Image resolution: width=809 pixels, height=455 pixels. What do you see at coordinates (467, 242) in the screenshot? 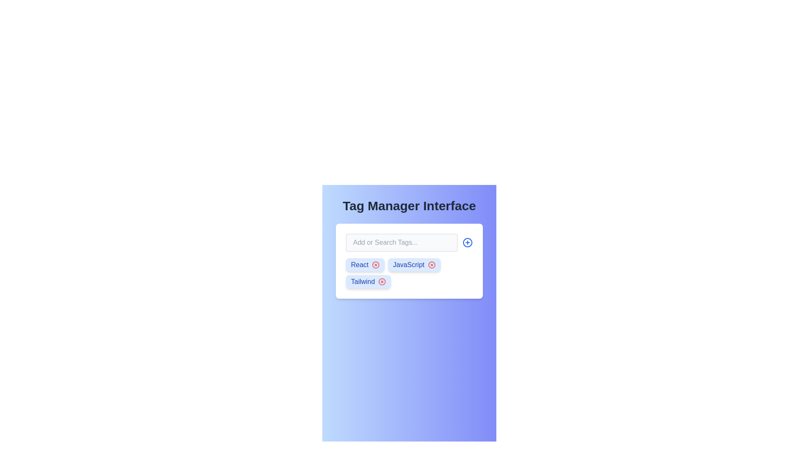
I see `the 'Add' icon button, which is positioned to the right of the 'Add or Search Tags...' input field` at bounding box center [467, 242].